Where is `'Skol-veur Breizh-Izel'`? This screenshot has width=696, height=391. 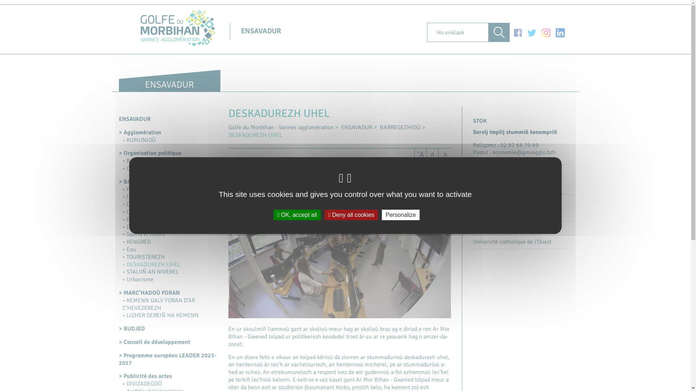 'Skol-veur Breizh-Izel' is located at coordinates (522, 216).